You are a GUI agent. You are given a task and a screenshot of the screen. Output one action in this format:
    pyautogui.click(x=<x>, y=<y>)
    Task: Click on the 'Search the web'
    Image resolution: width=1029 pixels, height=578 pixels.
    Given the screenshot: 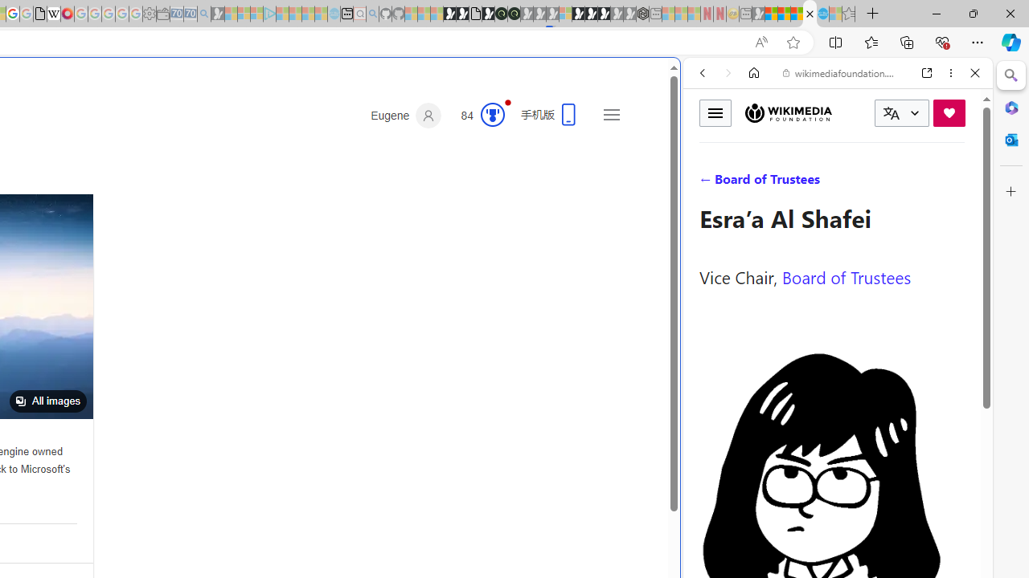 What is the action you would take?
    pyautogui.click(x=845, y=110)
    